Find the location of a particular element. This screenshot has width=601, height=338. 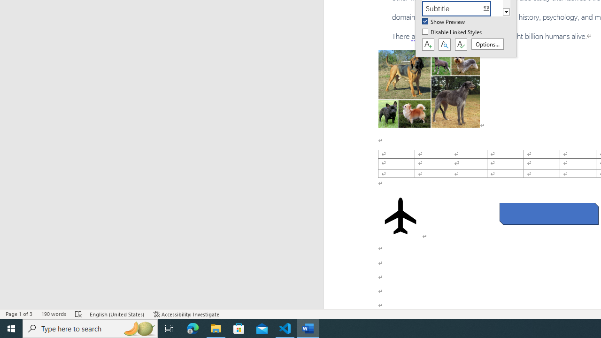

'Rectangle: Diagonal Corners Snipped 2' is located at coordinates (549, 214).